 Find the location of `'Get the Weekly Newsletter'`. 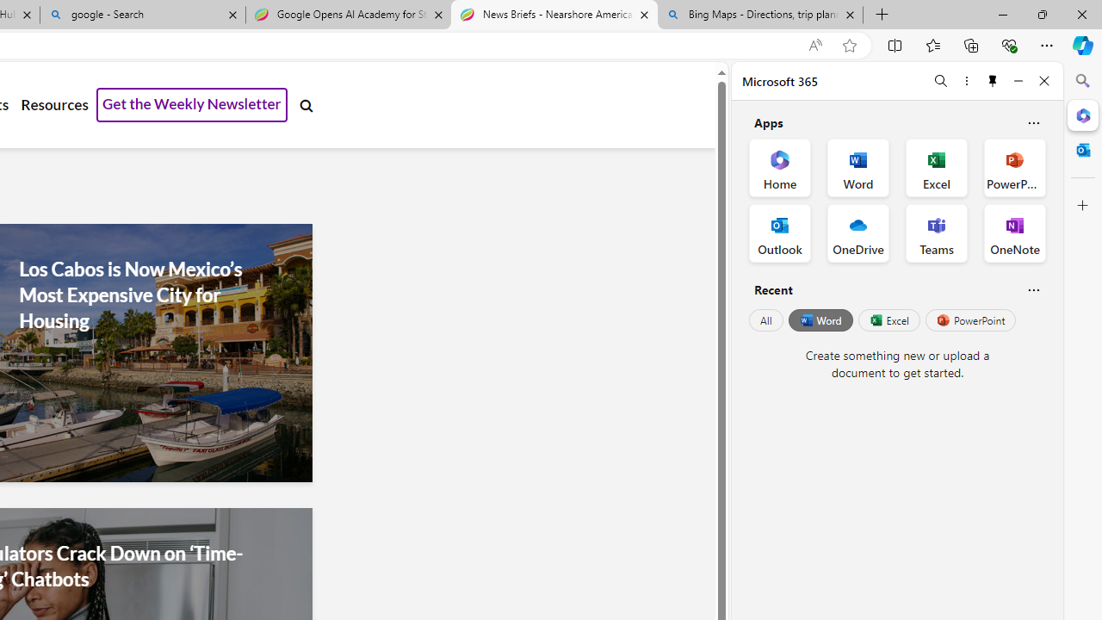

'Get the Weekly Newsletter' is located at coordinates (192, 105).